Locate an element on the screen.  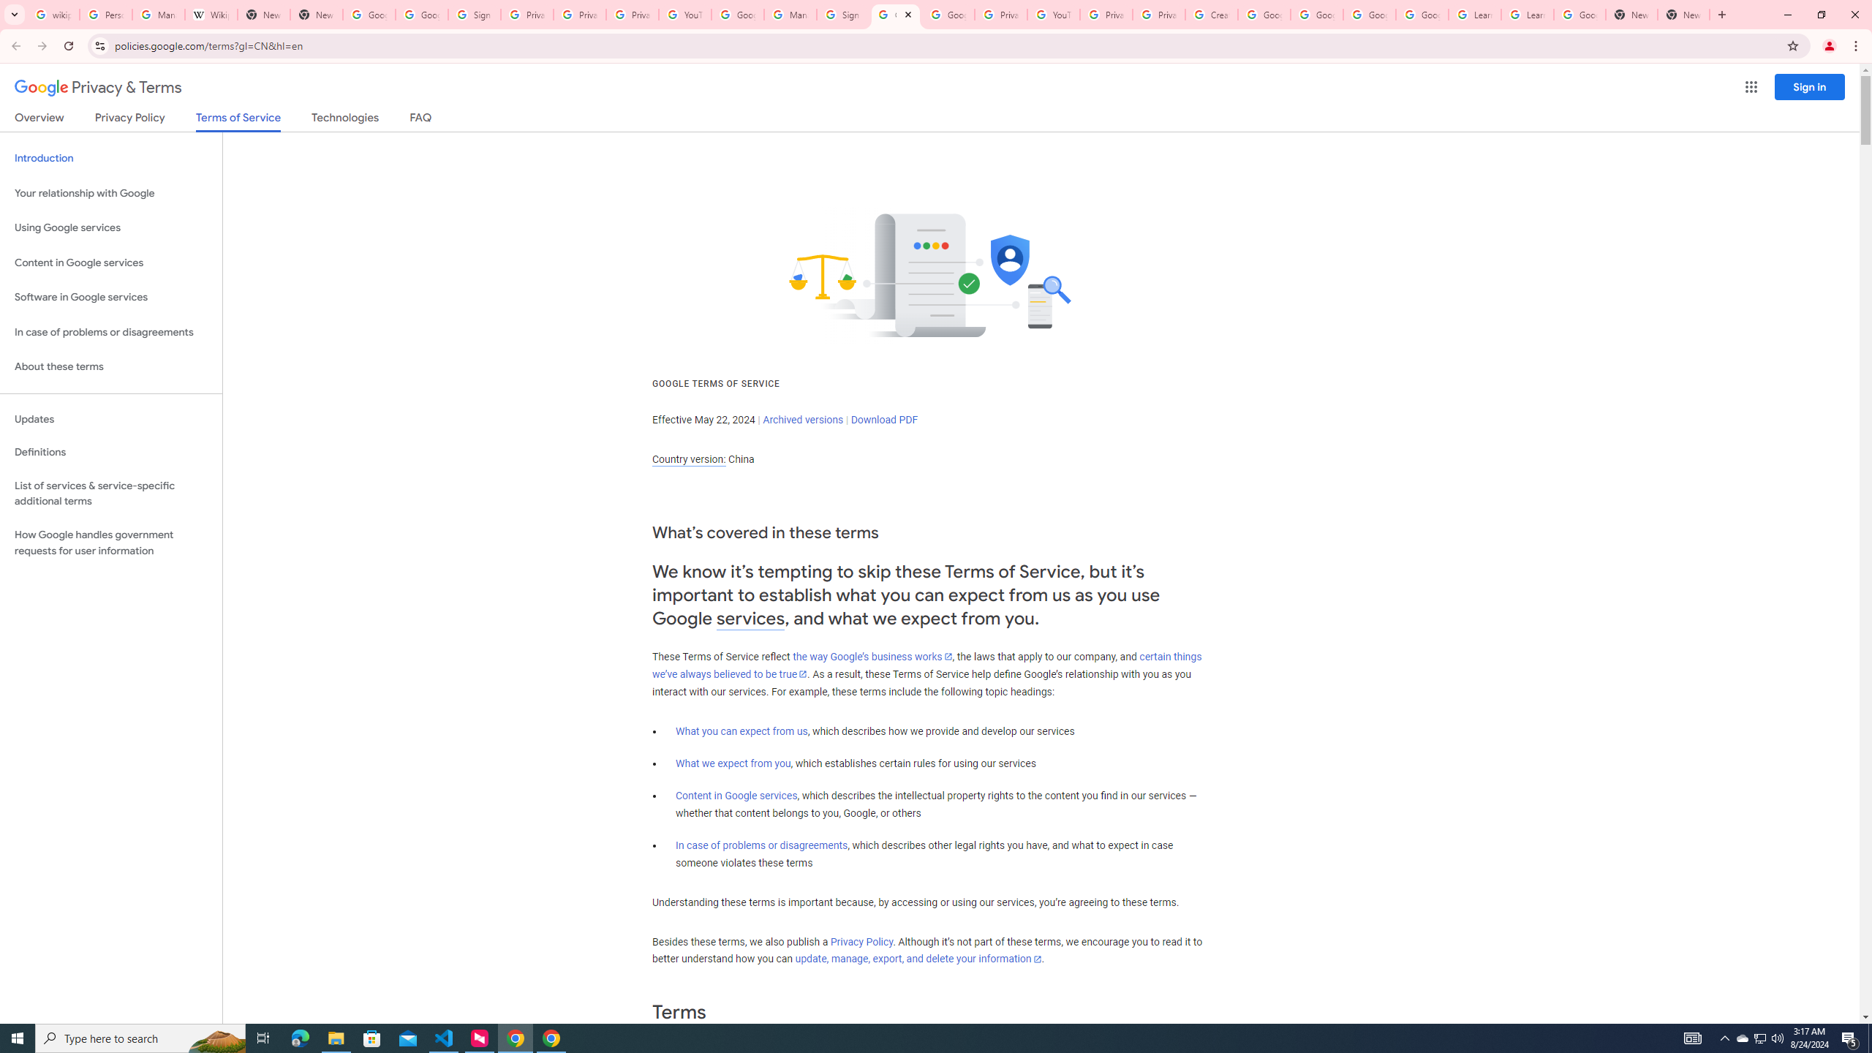
'Terms of Service' is located at coordinates (238, 121).